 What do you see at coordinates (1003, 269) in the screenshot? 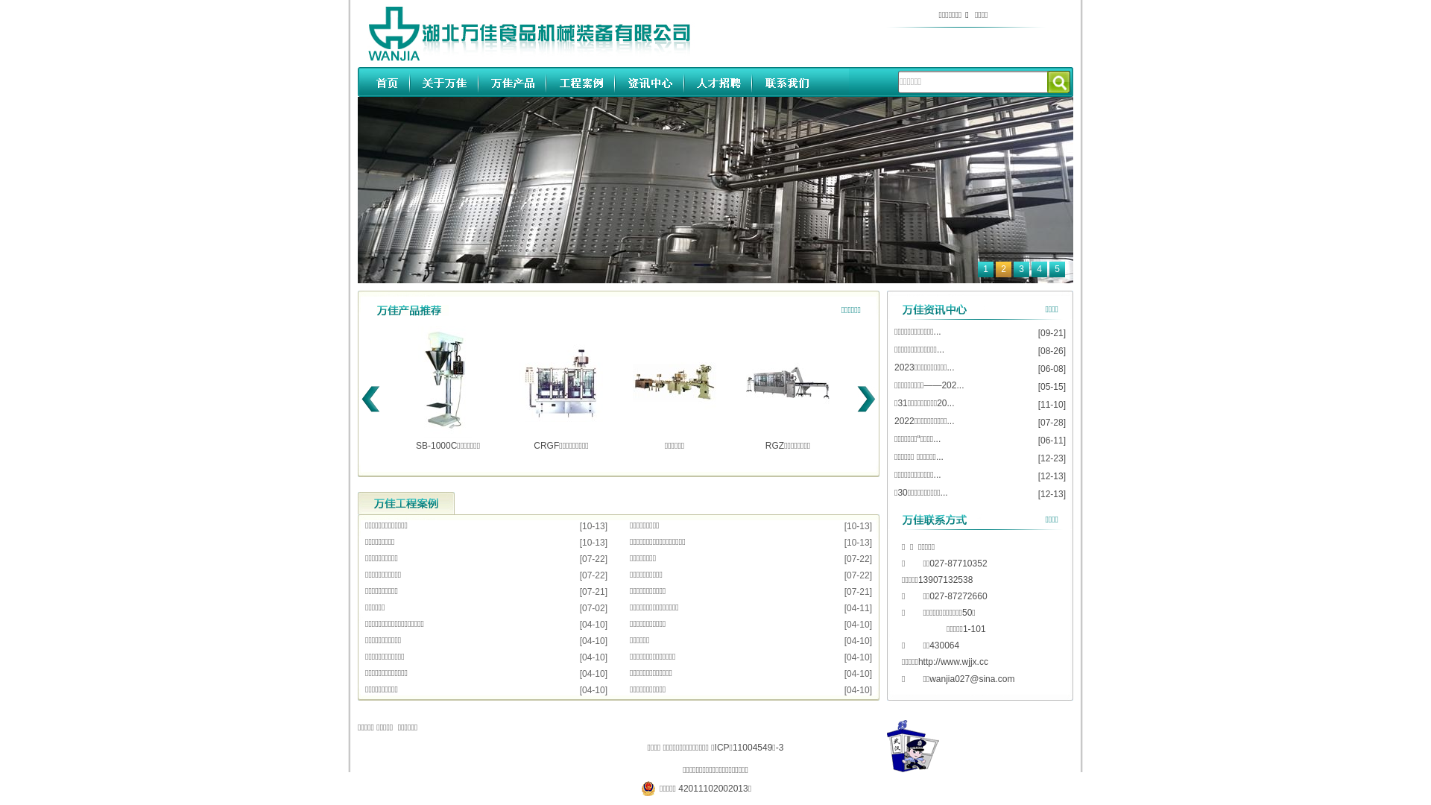
I see `'2'` at bounding box center [1003, 269].